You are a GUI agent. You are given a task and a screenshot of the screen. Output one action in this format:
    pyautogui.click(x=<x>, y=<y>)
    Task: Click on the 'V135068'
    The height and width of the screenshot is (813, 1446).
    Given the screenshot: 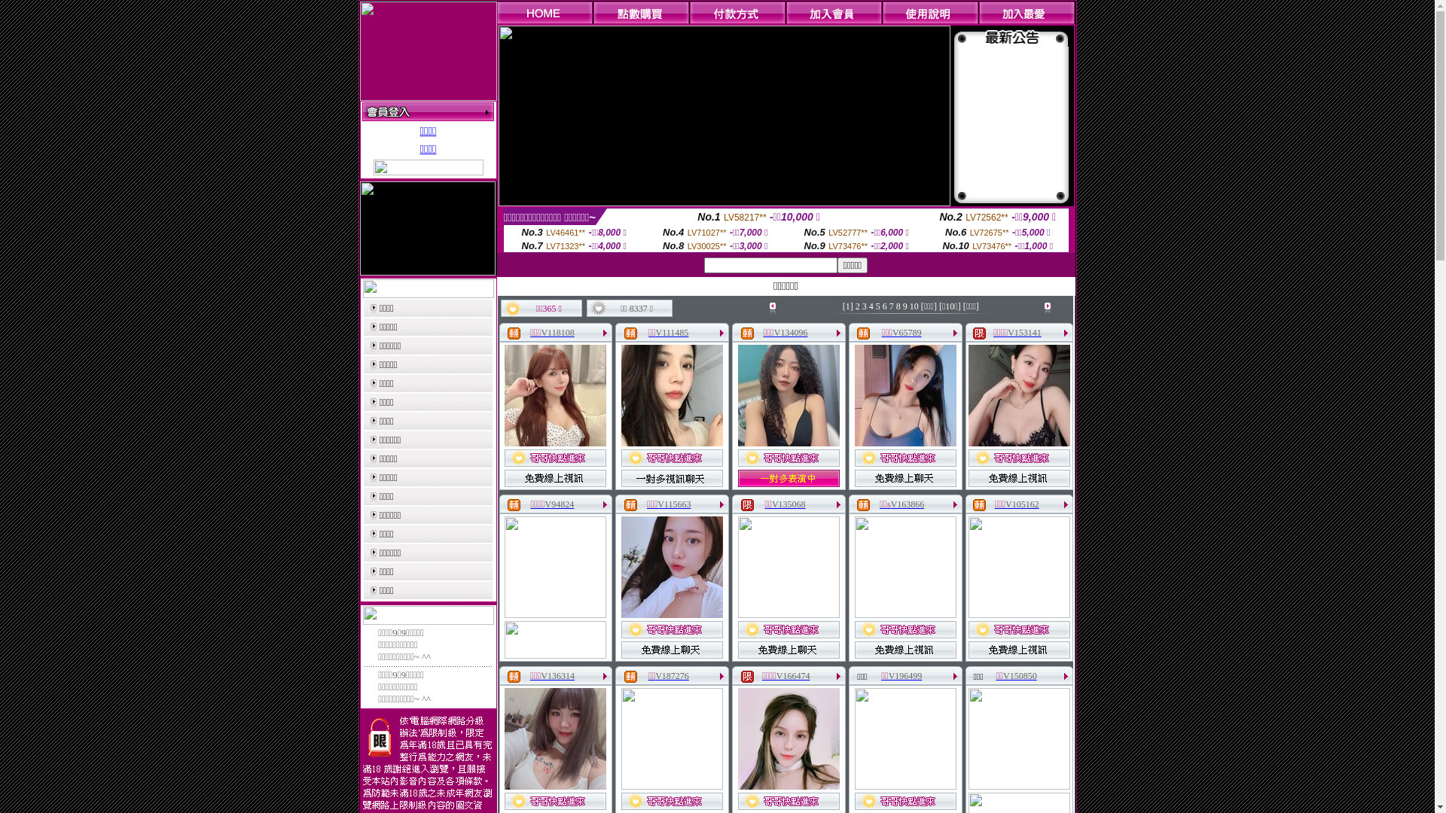 What is the action you would take?
    pyautogui.click(x=772, y=504)
    